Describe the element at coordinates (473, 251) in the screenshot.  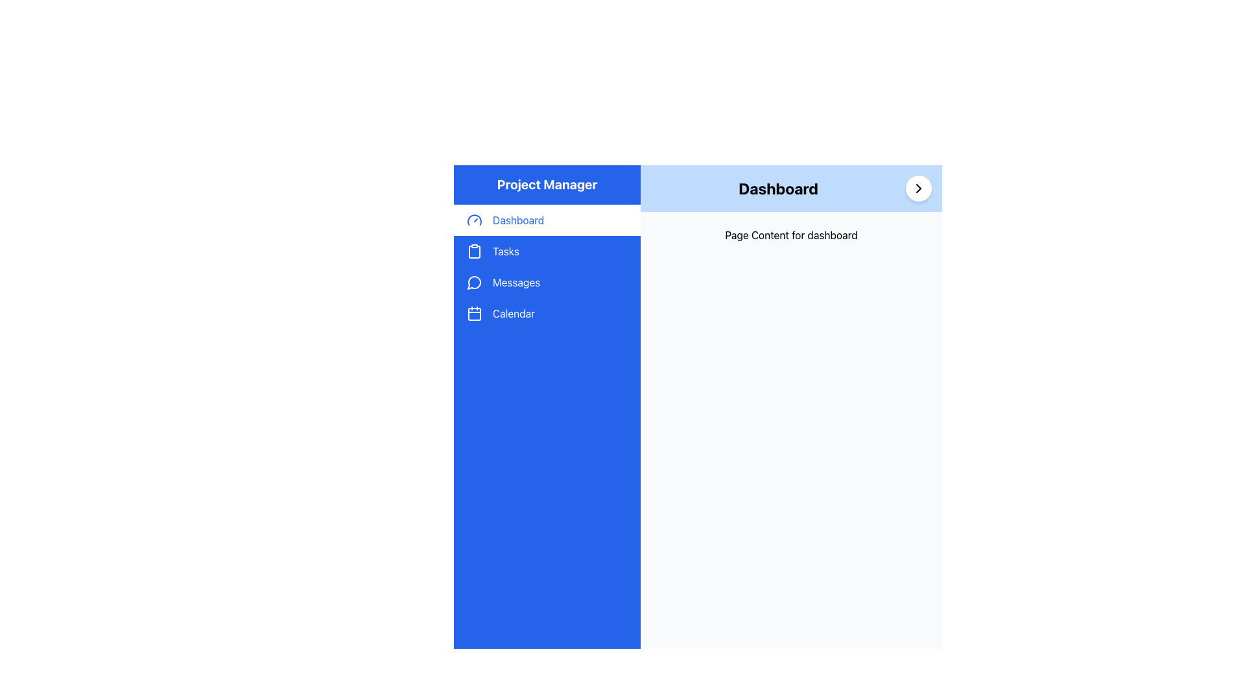
I see `the clipboard icon` at that location.